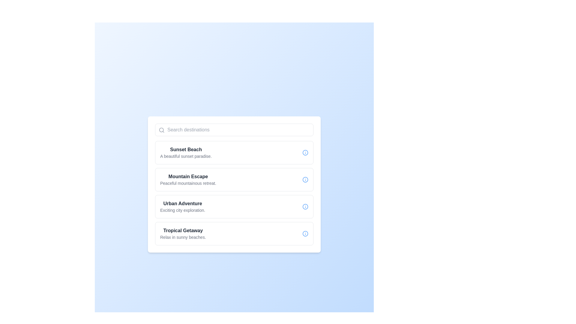  Describe the element at coordinates (188, 176) in the screenshot. I see `the Text Label that serves as the title for the second destination option in the list, located between 'Sunset Beach' and 'Urban Adventure'` at that location.